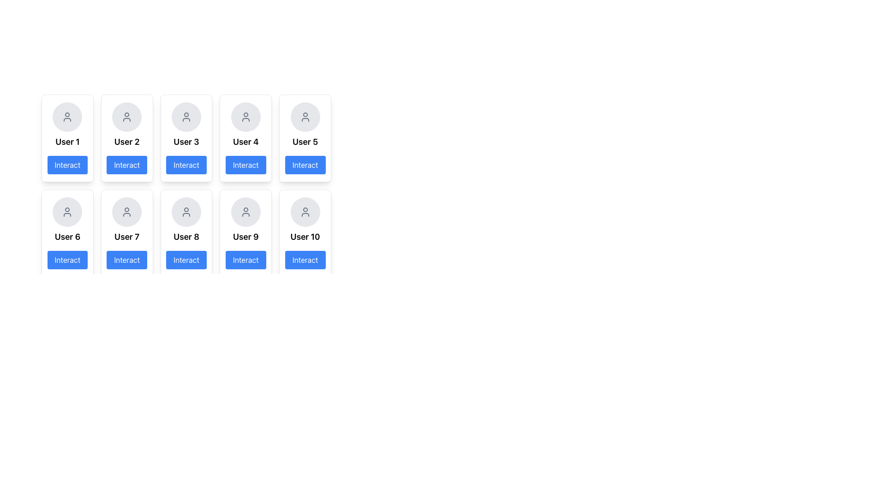  What do you see at coordinates (186, 260) in the screenshot?
I see `the button located in the bottom section of the user card labeled 'User 8' in the second row and third column of the grid layout` at bounding box center [186, 260].